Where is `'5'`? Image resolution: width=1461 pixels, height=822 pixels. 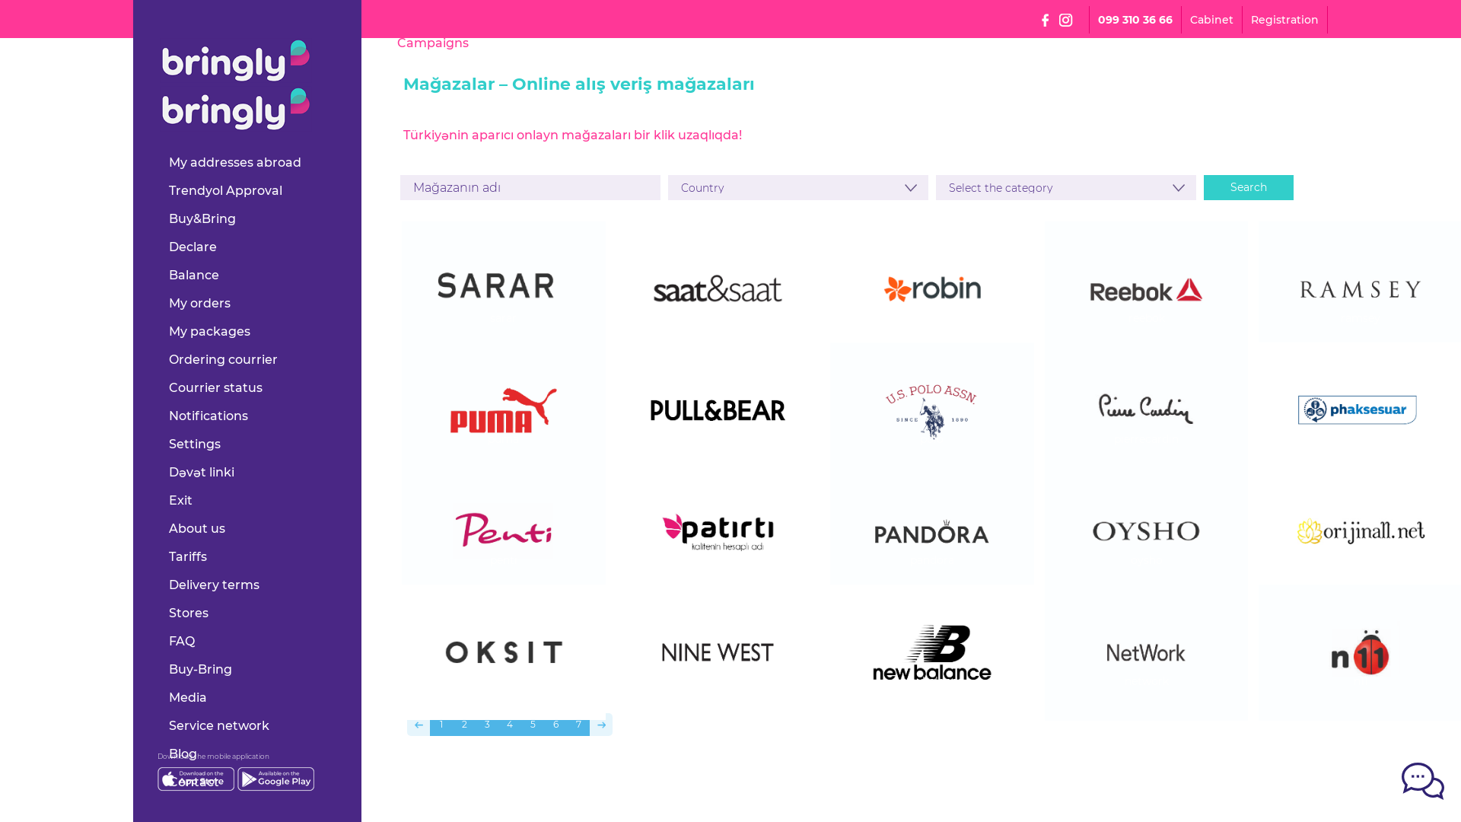
'5' is located at coordinates (533, 724).